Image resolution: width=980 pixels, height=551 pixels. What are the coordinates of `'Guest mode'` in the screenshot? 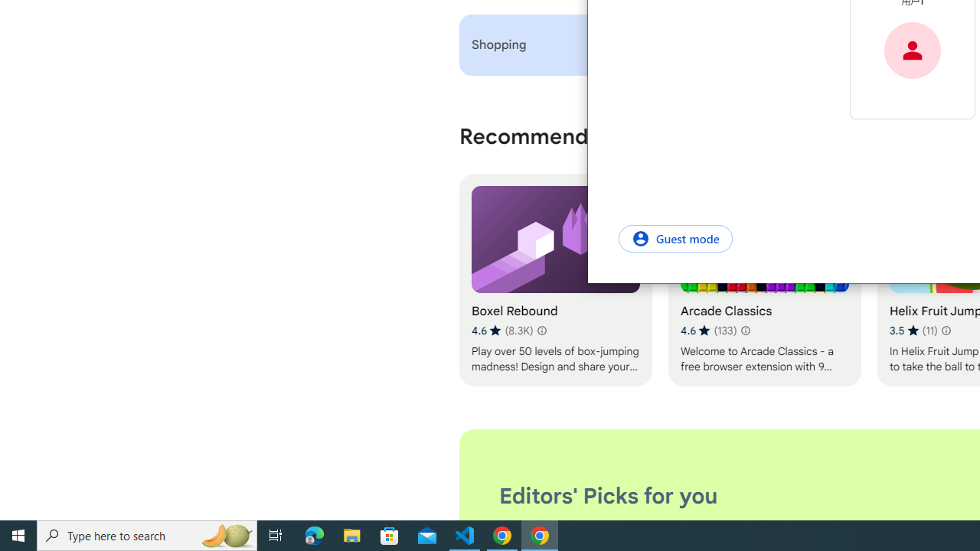 It's located at (675, 238).